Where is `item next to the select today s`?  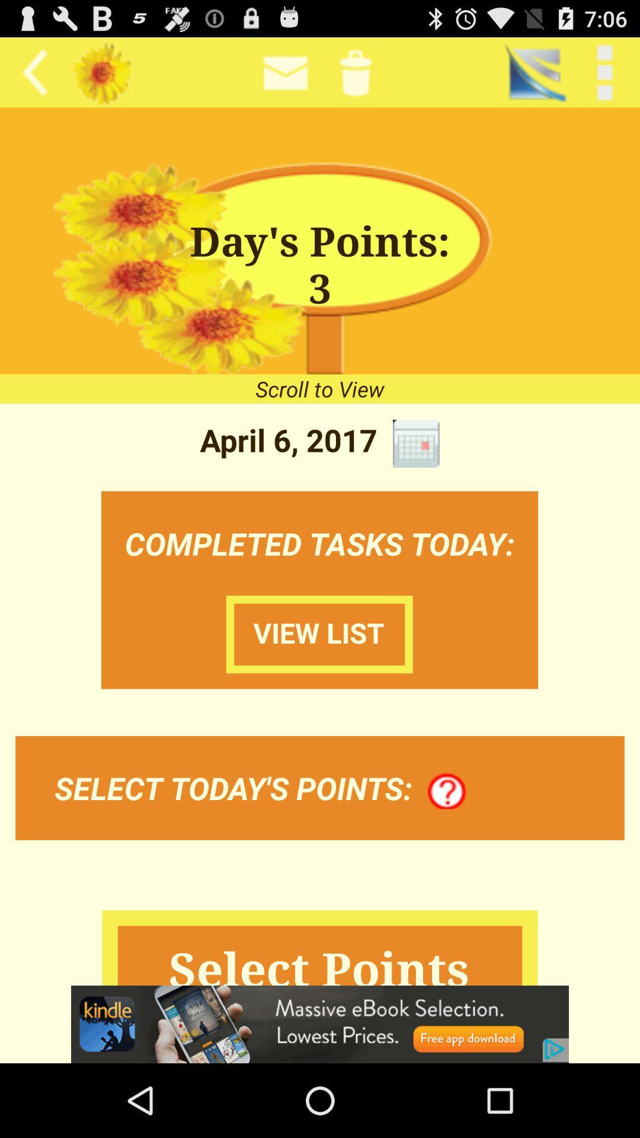 item next to the select today s is located at coordinates (447, 791).